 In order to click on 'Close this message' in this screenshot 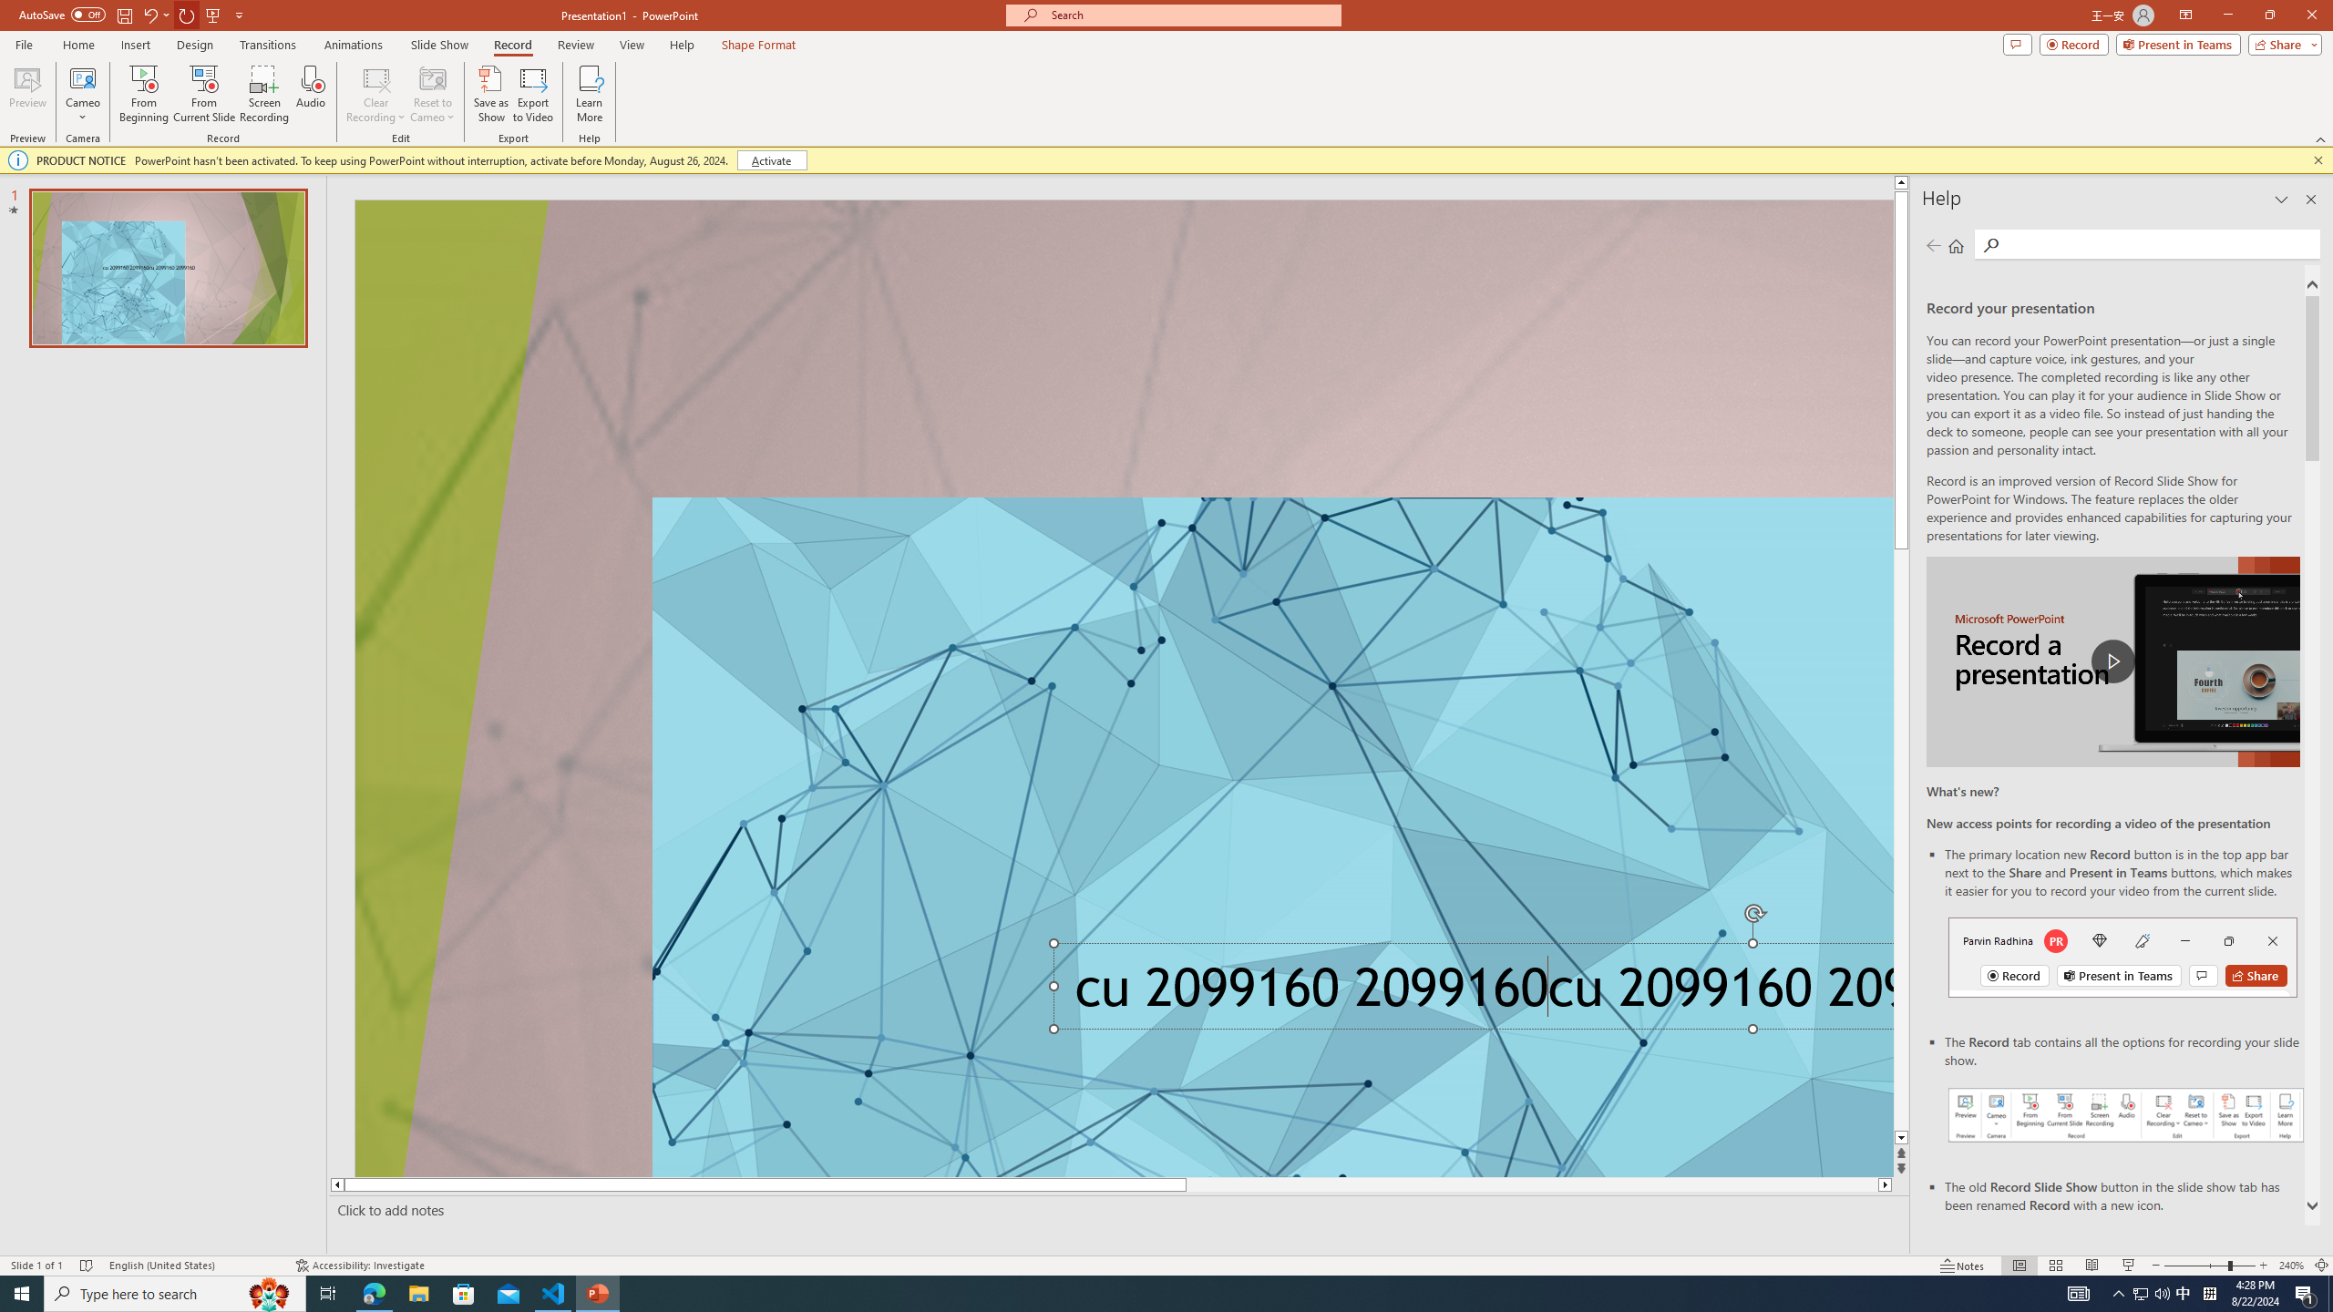, I will do `click(2318, 159)`.